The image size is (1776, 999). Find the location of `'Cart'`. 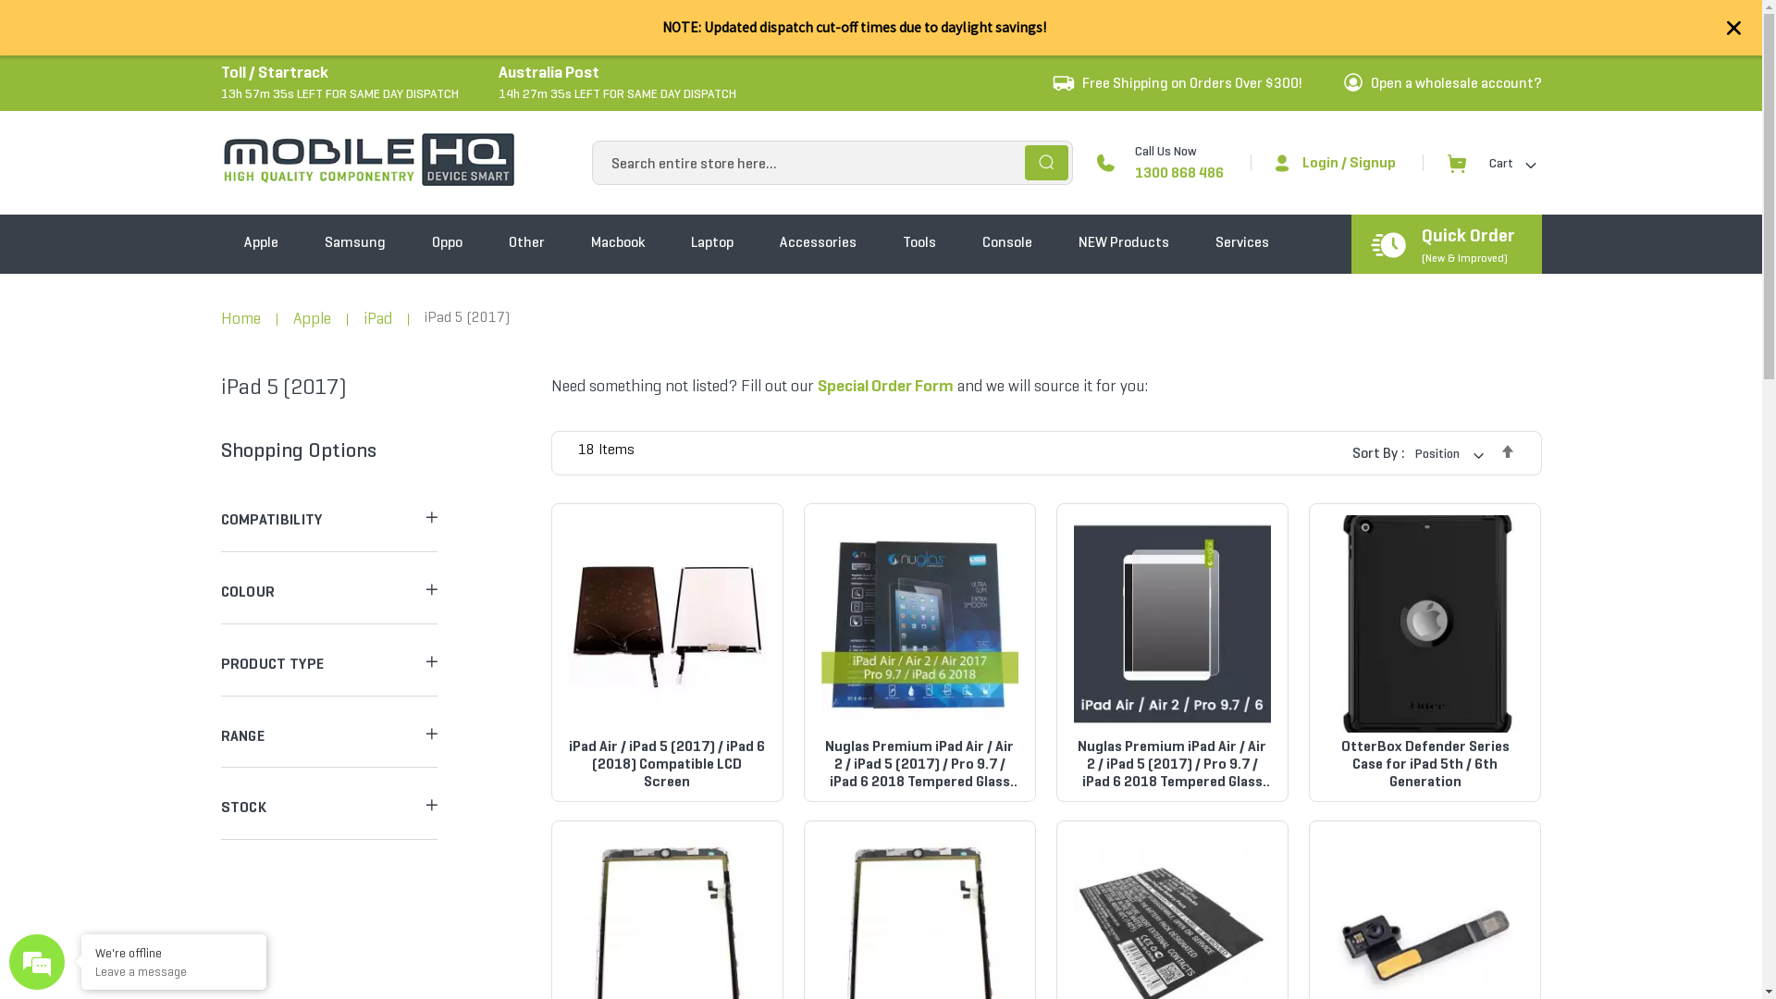

'Cart' is located at coordinates (1445, 106).